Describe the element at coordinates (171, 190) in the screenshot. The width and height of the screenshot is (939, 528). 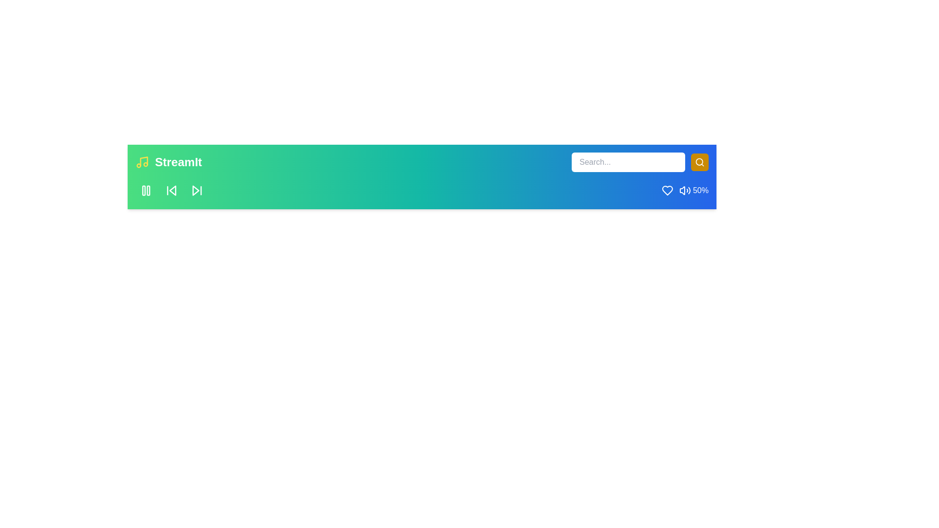
I see `the skip button to navigate to the previous song` at that location.